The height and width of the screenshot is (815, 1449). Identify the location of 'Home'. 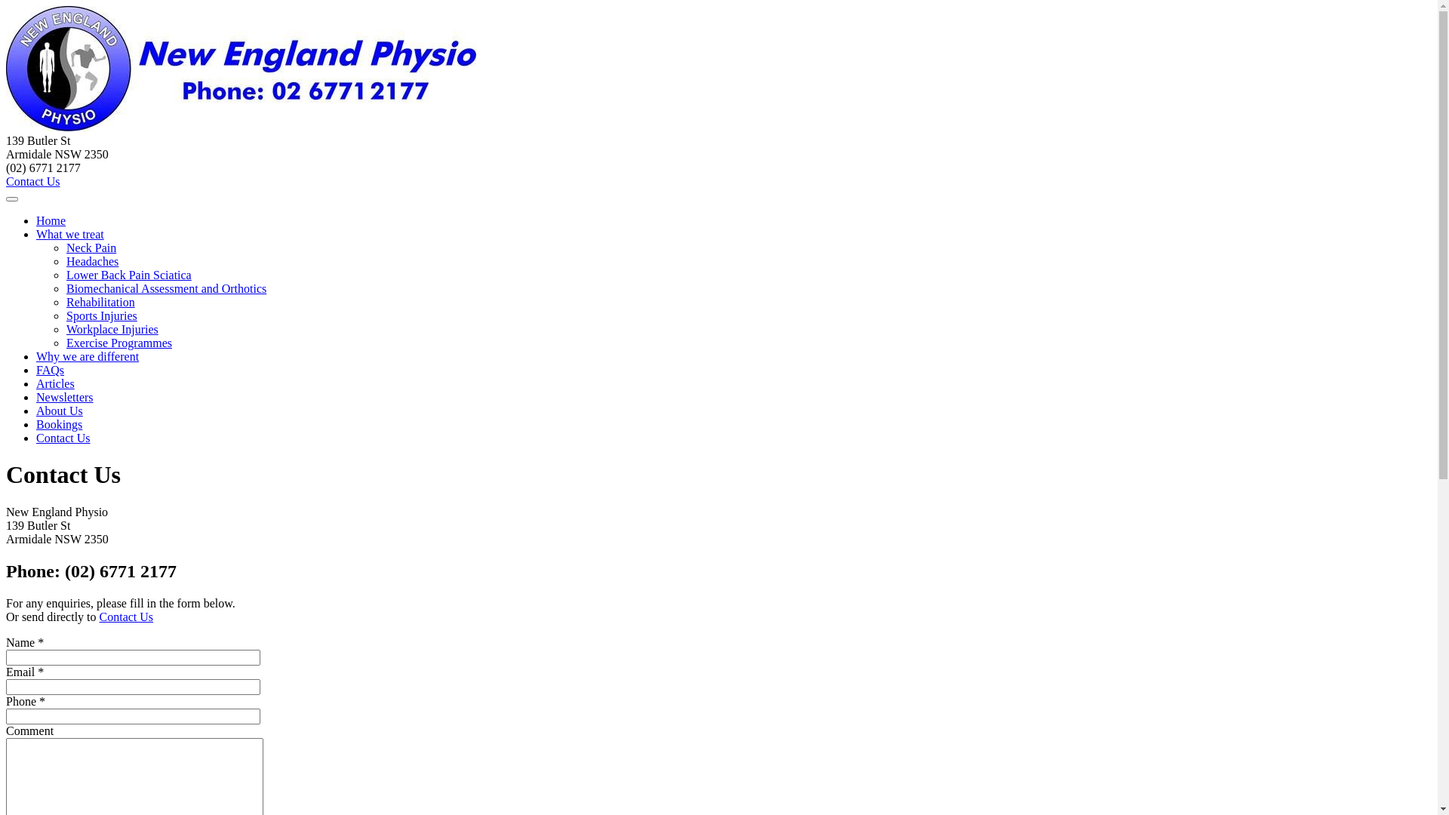
(36, 220).